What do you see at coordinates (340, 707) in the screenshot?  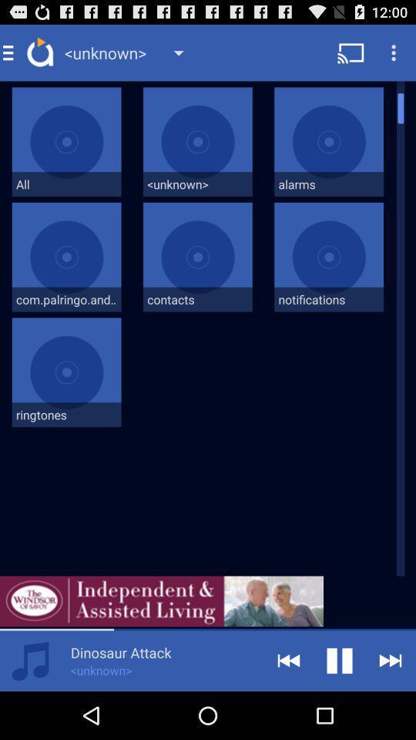 I see `the pause icon` at bounding box center [340, 707].